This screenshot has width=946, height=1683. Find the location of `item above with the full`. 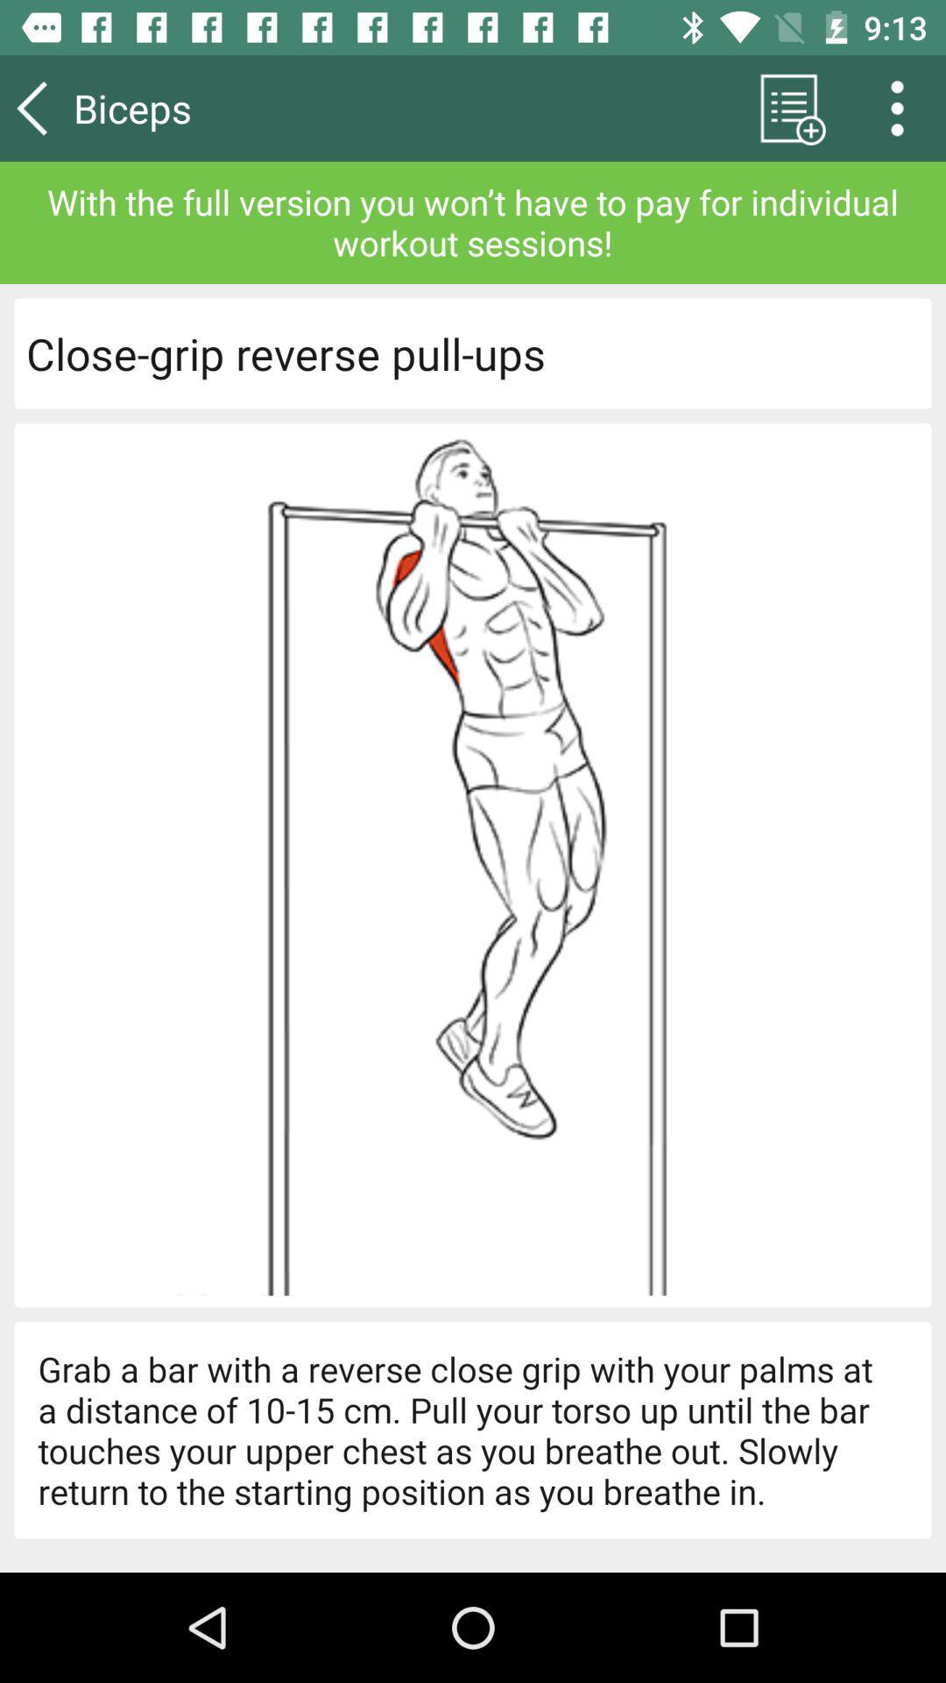

item above with the full is located at coordinates (182, 107).